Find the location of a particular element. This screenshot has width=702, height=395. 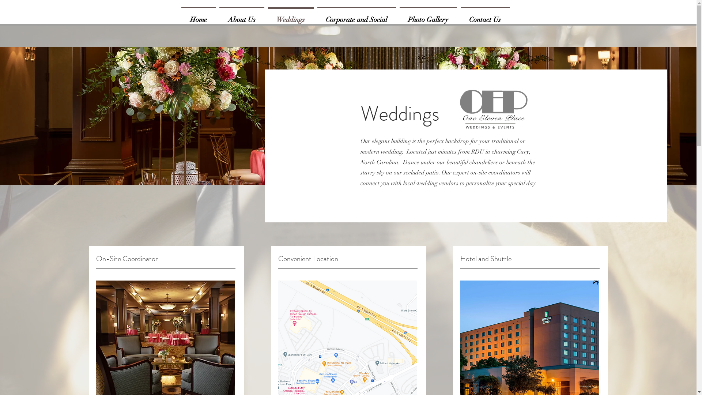

'Photo Gallery' is located at coordinates (428, 16).